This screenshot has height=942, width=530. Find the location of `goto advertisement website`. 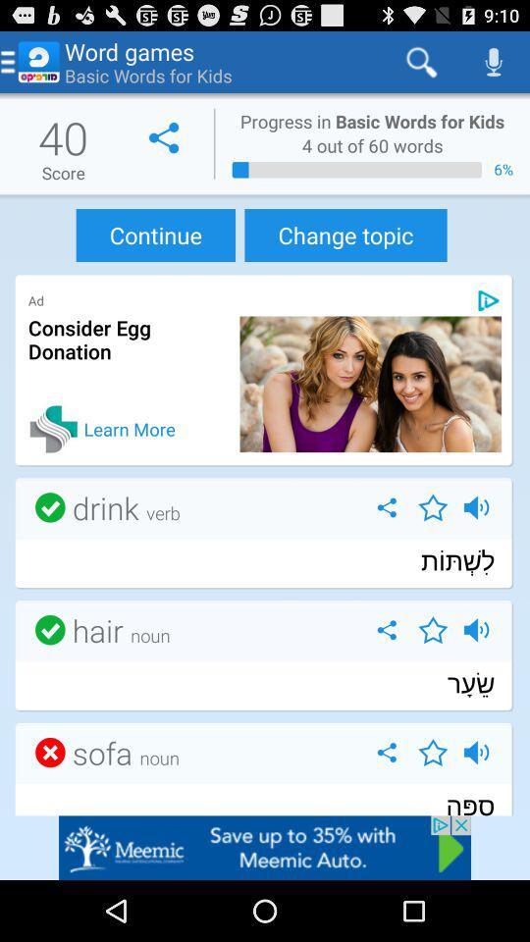

goto advertisement website is located at coordinates (265, 847).